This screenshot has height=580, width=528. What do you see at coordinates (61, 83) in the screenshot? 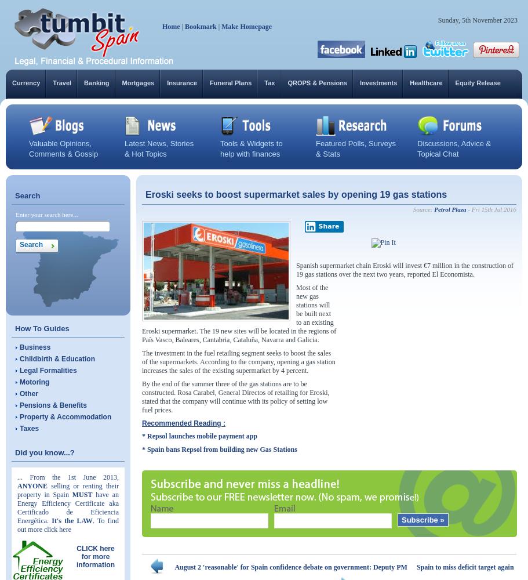
I see `'Travel'` at bounding box center [61, 83].